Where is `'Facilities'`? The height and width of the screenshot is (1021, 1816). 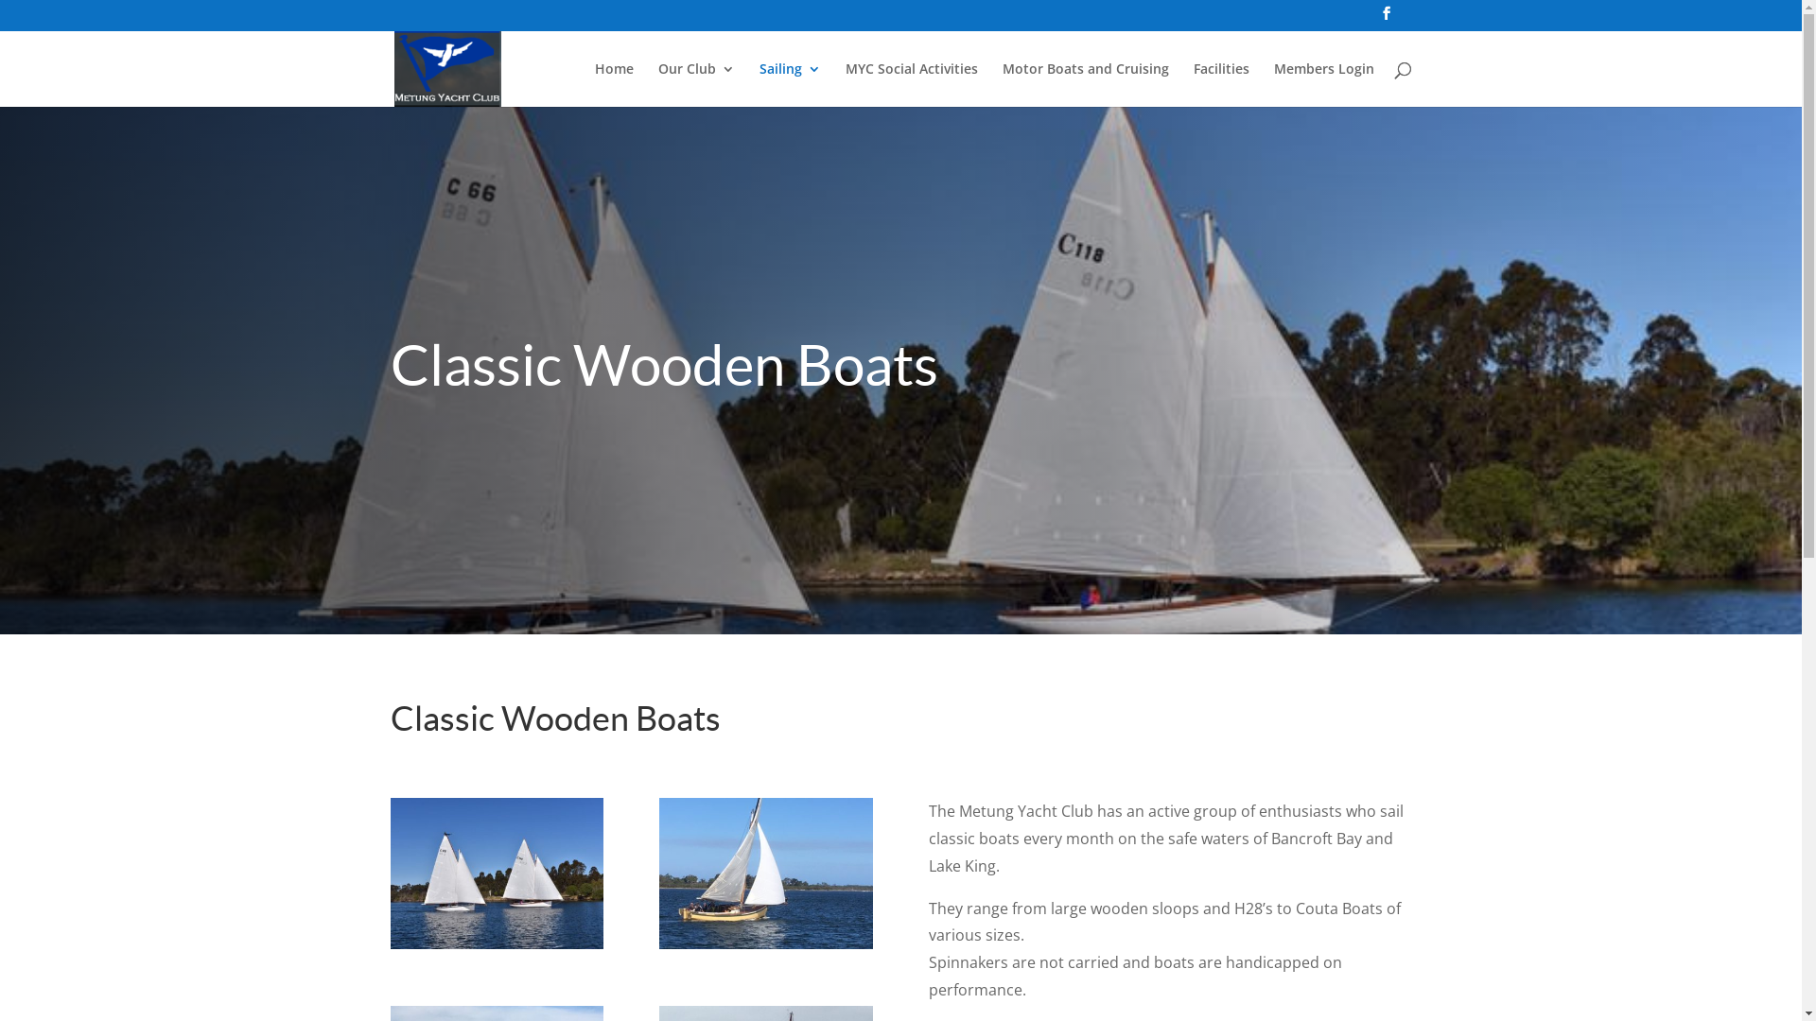 'Facilities' is located at coordinates (1221, 83).